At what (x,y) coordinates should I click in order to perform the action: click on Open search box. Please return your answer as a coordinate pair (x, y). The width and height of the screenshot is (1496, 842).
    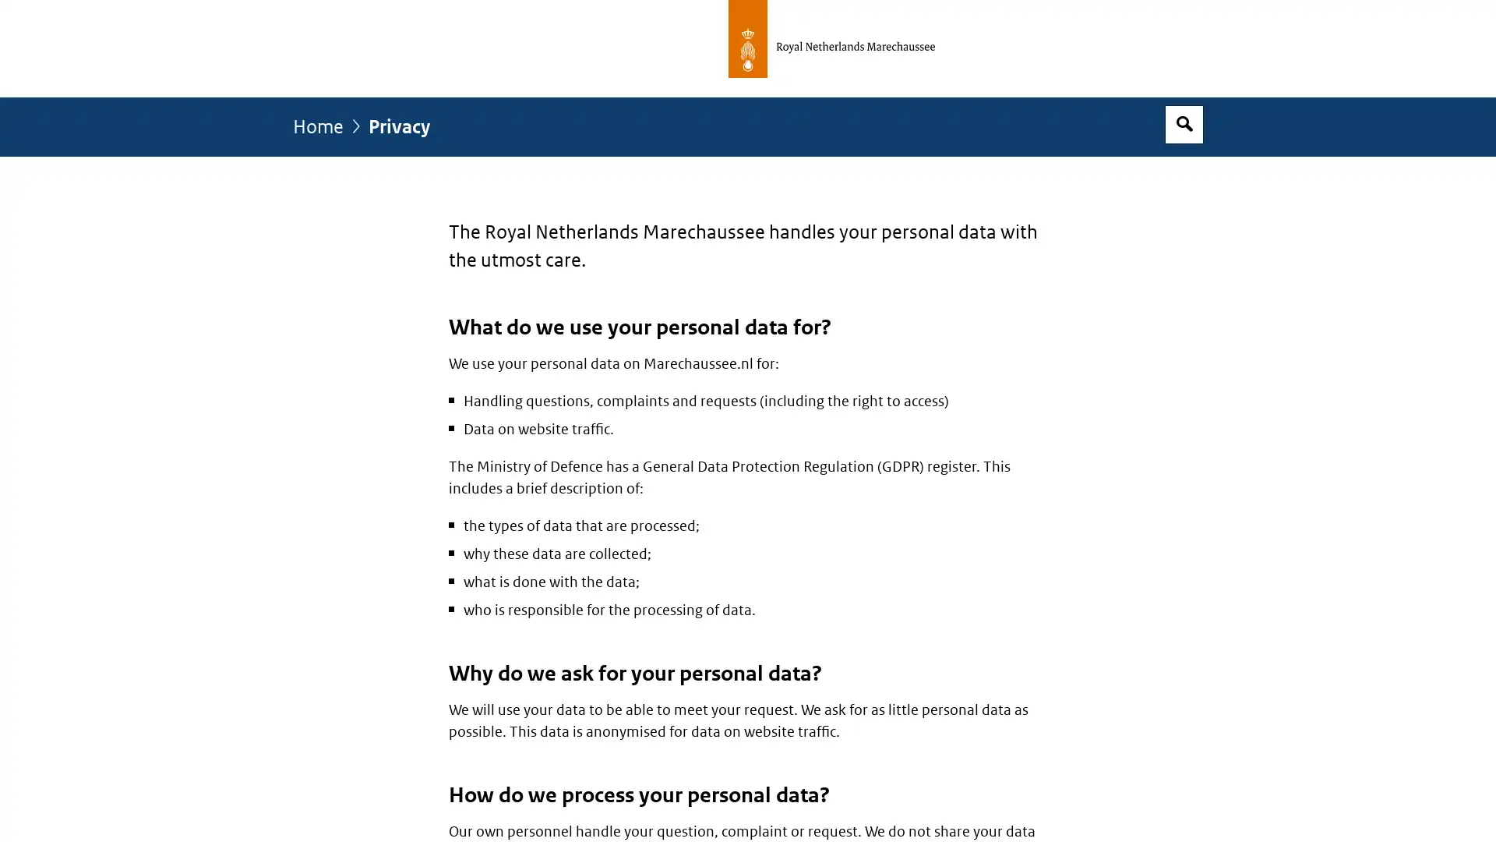
    Looking at the image, I should click on (1184, 123).